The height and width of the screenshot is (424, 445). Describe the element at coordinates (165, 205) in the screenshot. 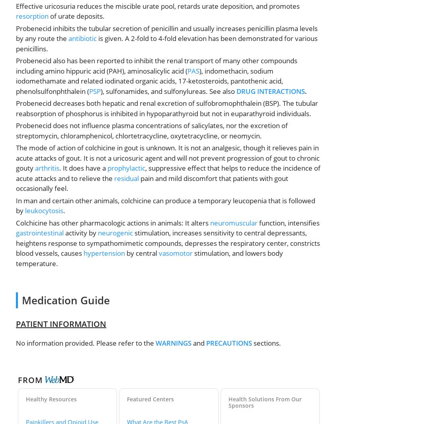

I see `'In man and certain other animals, colchicine can produce a temporary leucopenia 
  that is followed by'` at that location.